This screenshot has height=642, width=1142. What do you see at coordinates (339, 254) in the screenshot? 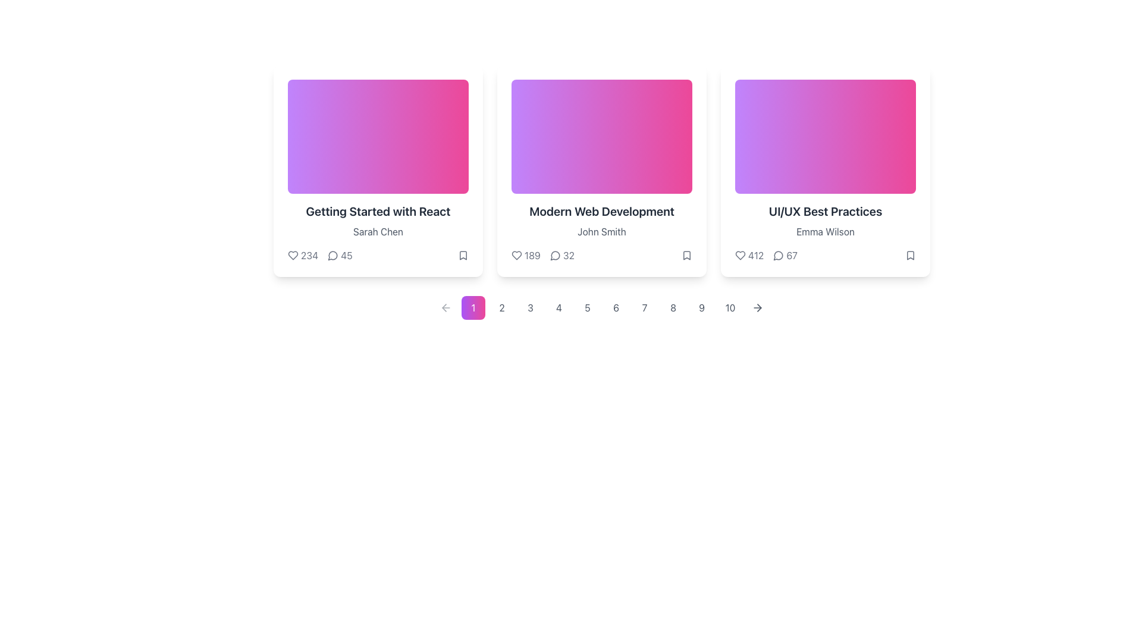
I see `the Interactive Comment Indicator, which is a comment icon followed by the number '45', located at the lower center area of the card titled 'Getting Started with React'` at bounding box center [339, 254].